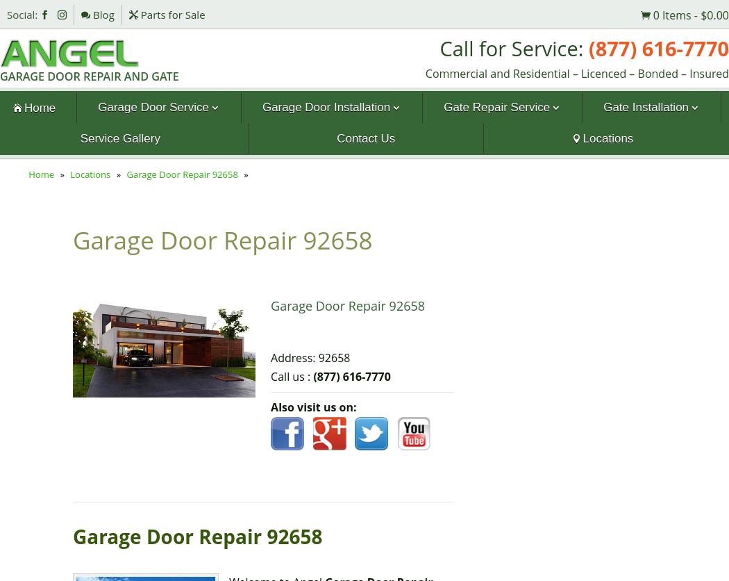  Describe the element at coordinates (636, 196) in the screenshot. I see `'Overhead Gate'` at that location.